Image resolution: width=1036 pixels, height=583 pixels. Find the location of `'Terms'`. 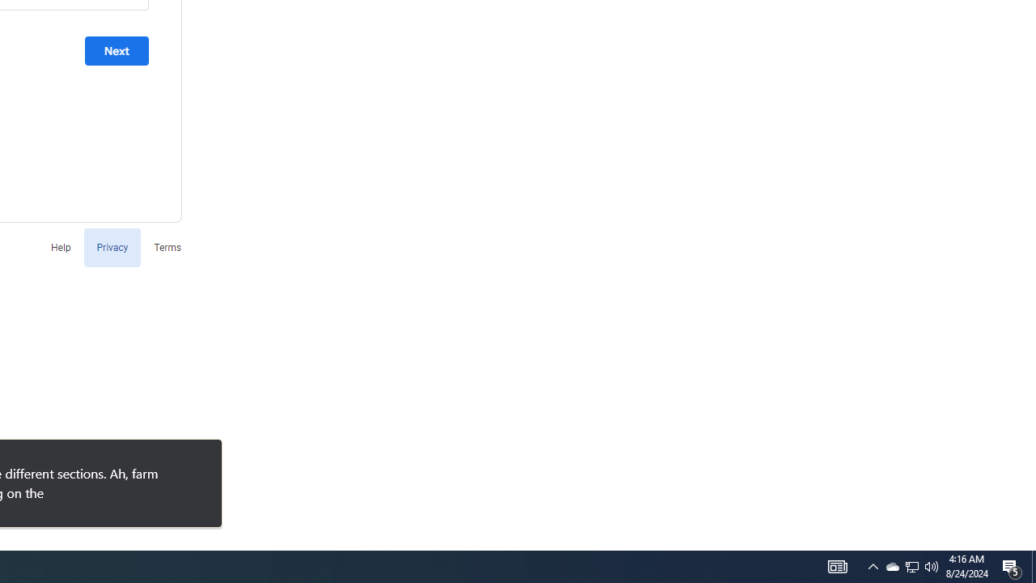

'Terms' is located at coordinates (168, 247).